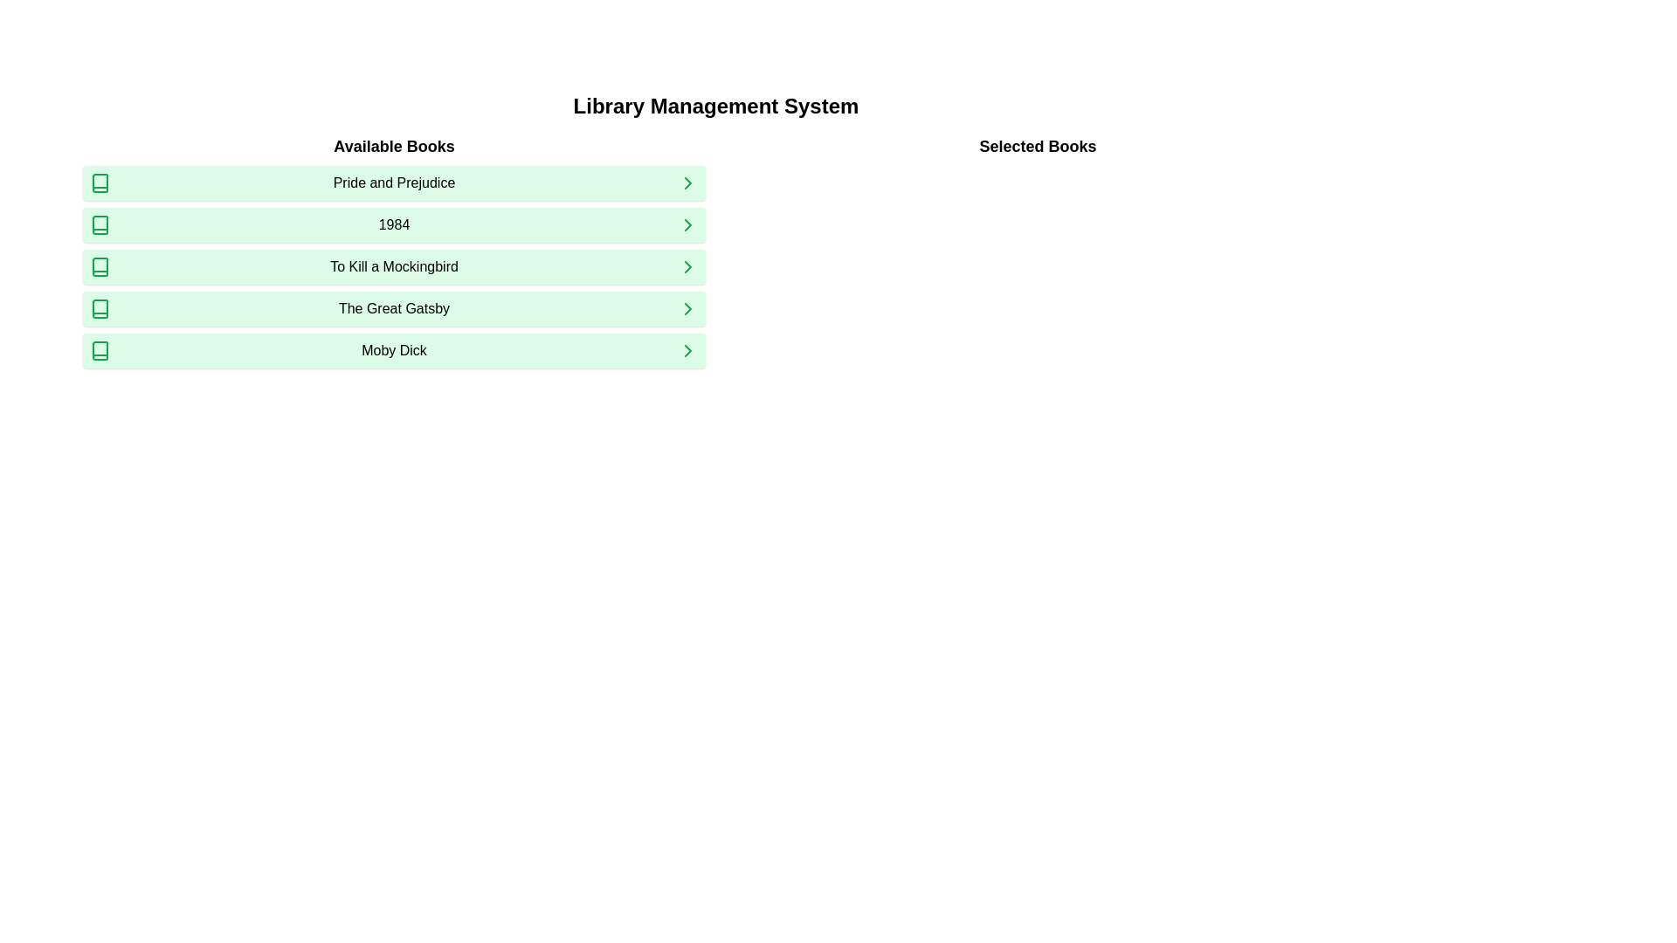 This screenshot has height=943, width=1677. I want to click on the title text label for the fourth book entry in the list under 'Available Books', which is positioned between 'To Kill a Mockingbird' and 'Moby Dick', so click(393, 308).